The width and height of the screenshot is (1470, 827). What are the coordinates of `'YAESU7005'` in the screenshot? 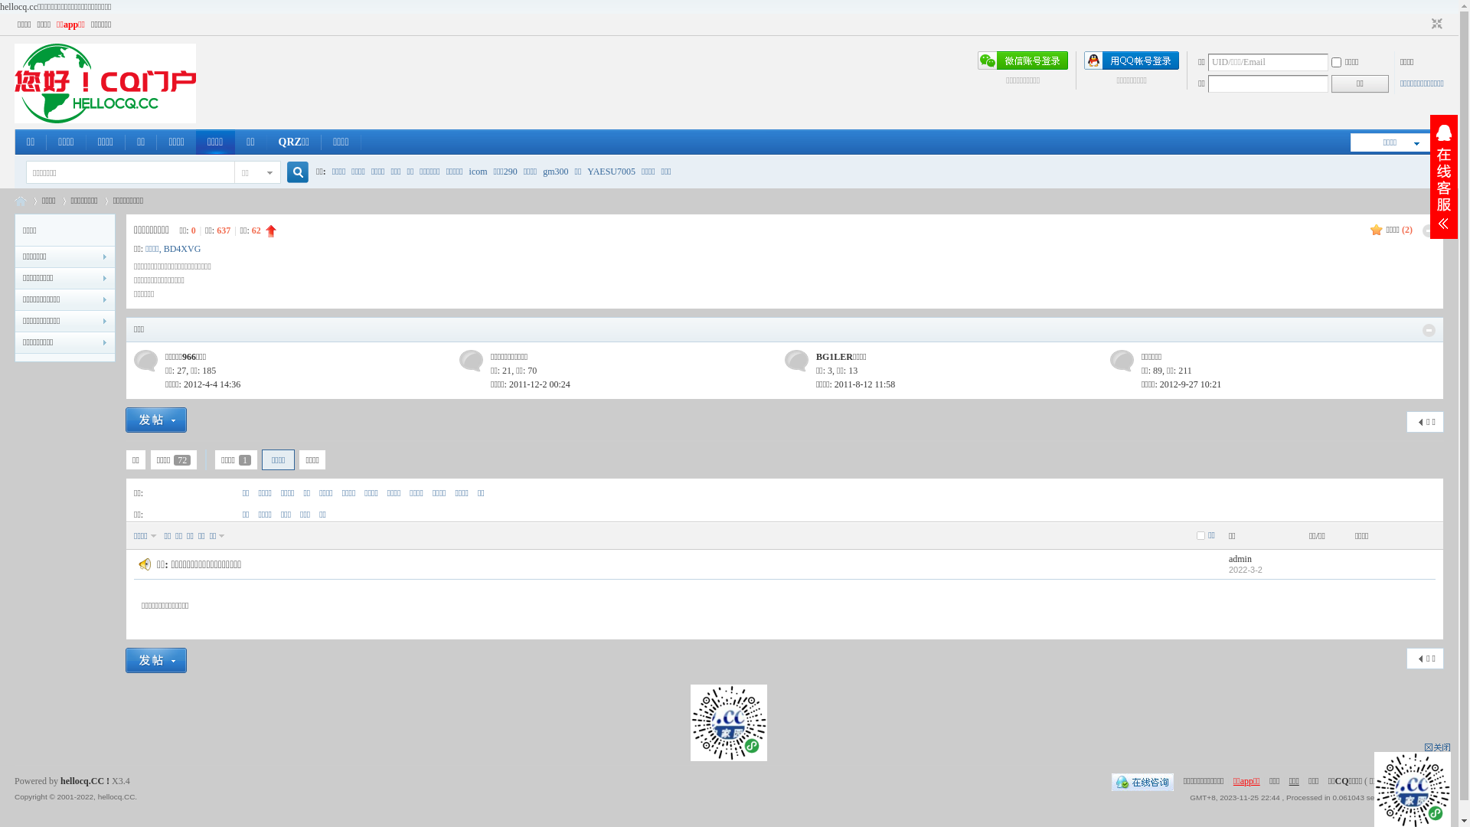 It's located at (610, 171).